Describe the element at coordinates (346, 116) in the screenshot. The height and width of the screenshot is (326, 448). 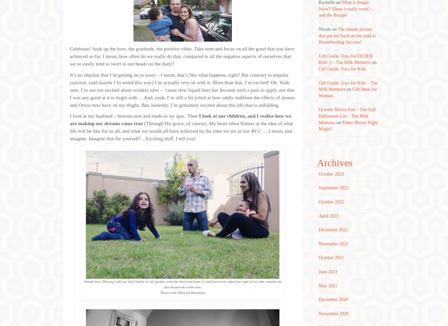
I see `'October Movie Fest – Our Full Halloween List – The Milk Memoirs'` at that location.